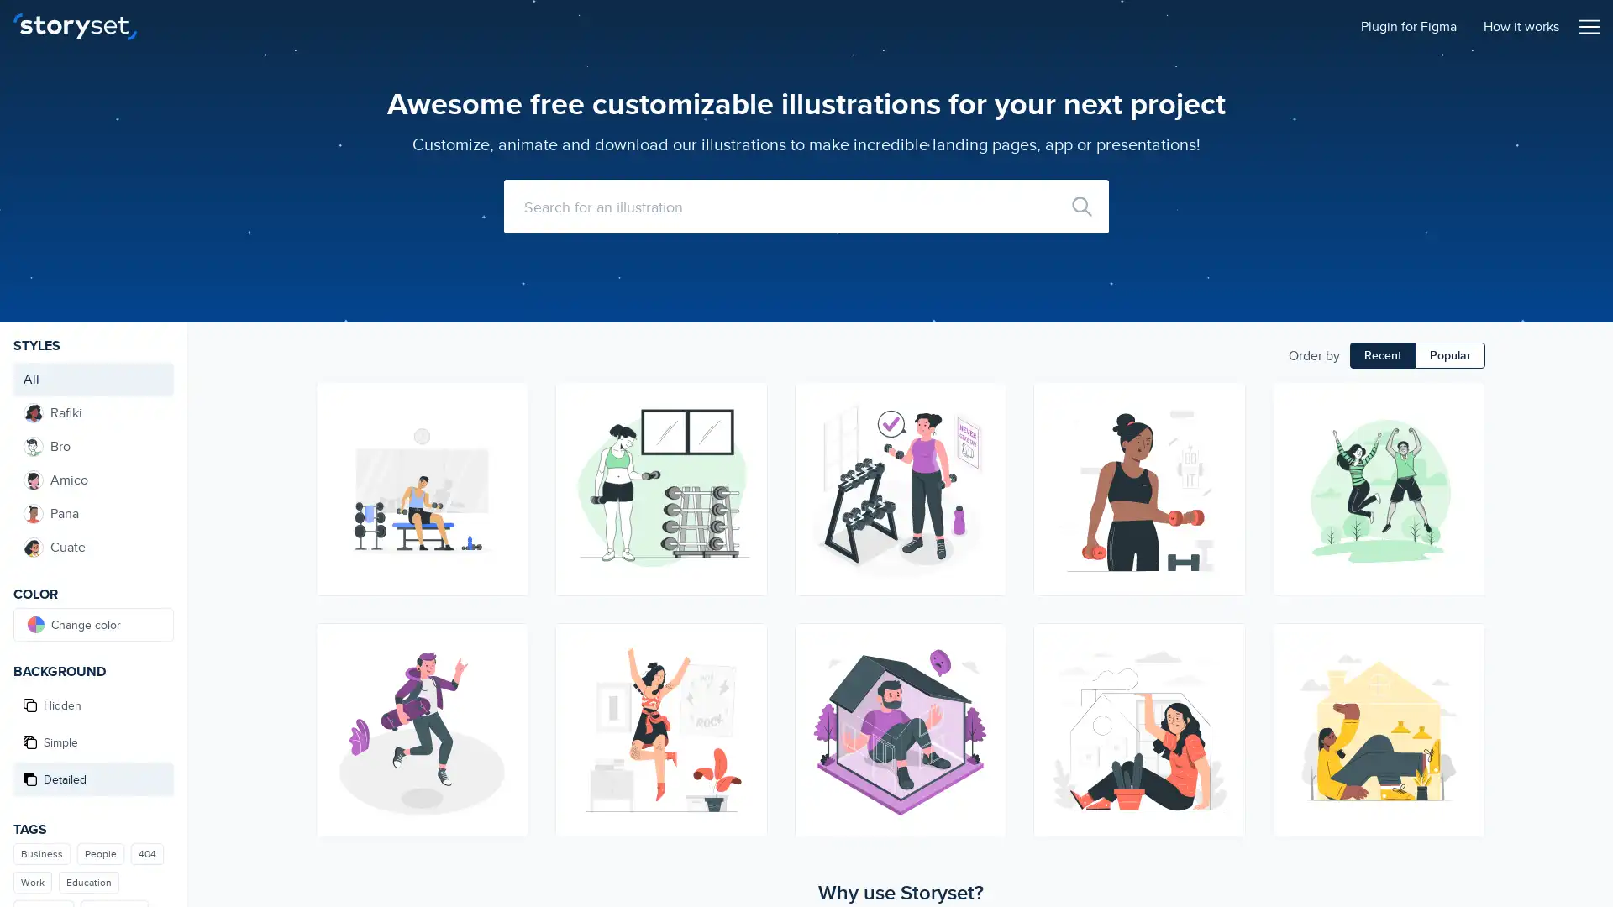  I want to click on wand icon Animate, so click(1463, 642).